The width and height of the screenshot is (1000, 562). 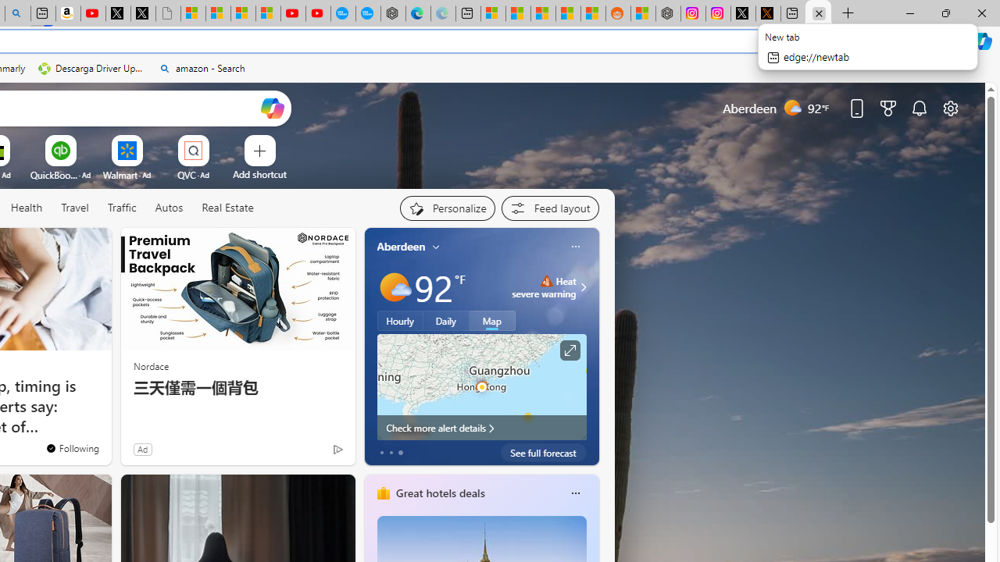 I want to click on 'tab-2', so click(x=400, y=452).